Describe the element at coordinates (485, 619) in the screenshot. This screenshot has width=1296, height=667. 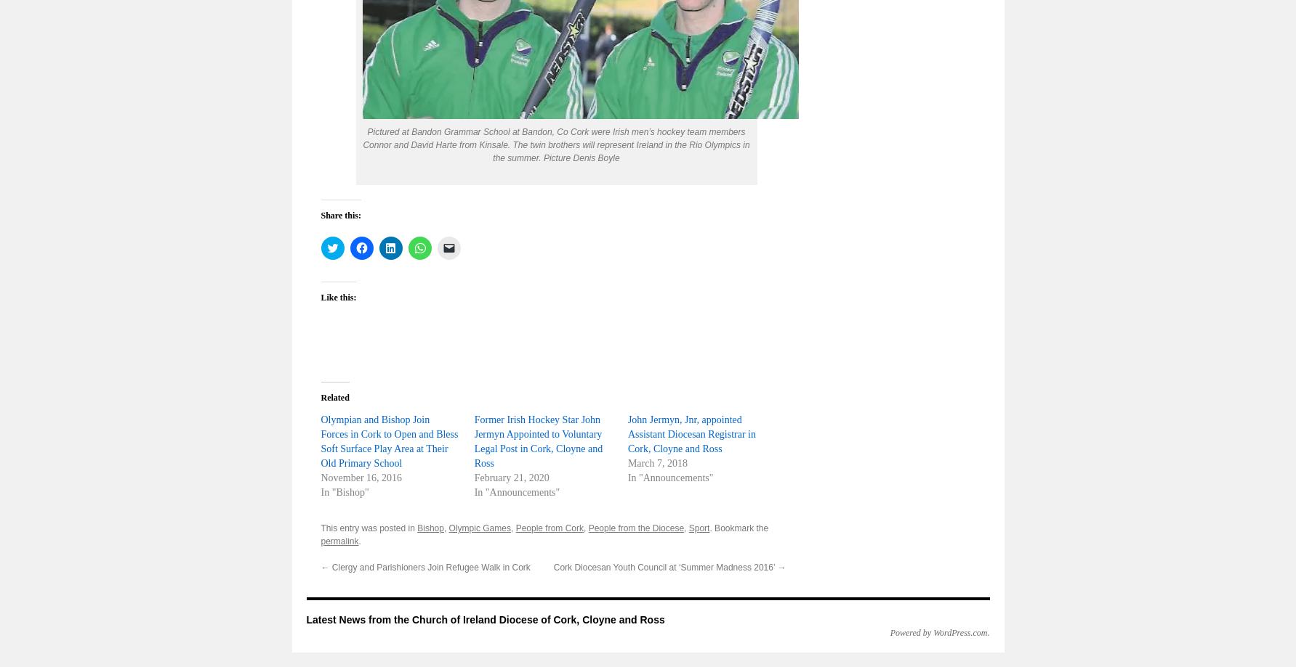
I see `'Latest News from the Church of Ireland Diocese of Cork, Cloyne and Ross'` at that location.